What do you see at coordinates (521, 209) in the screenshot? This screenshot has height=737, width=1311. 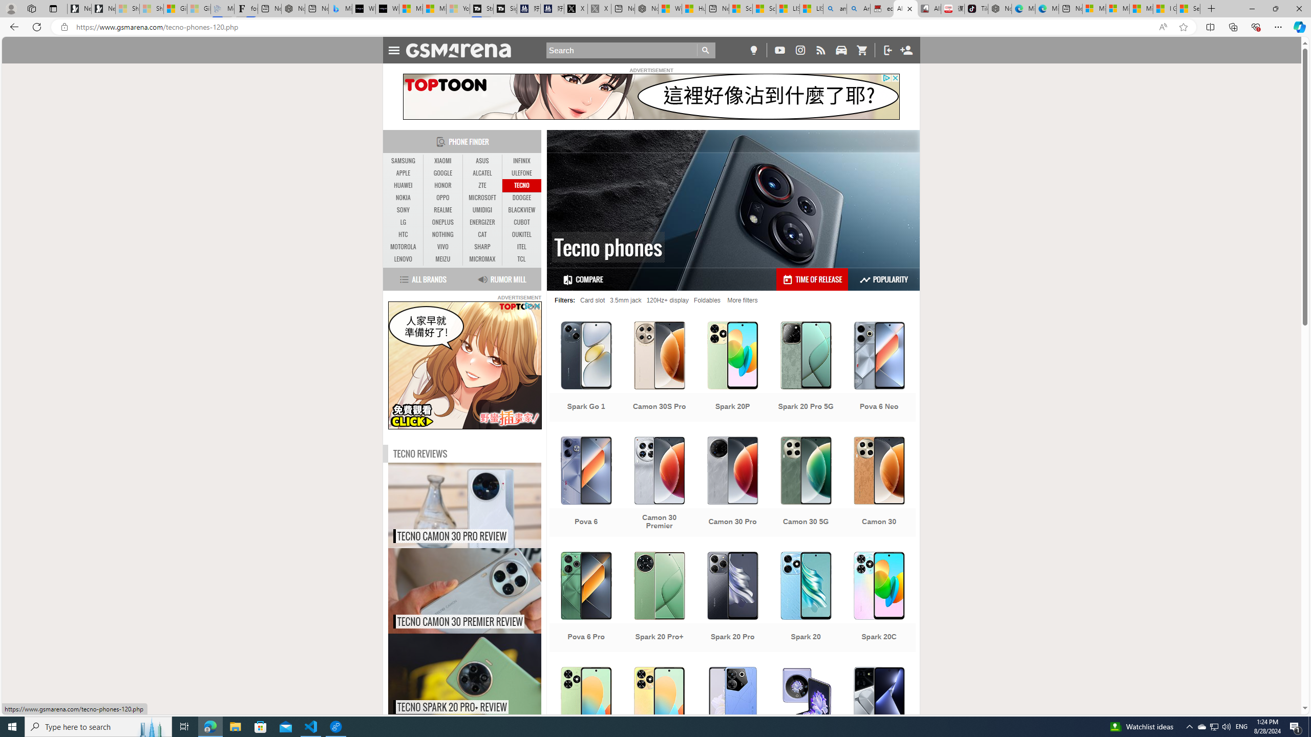 I see `'BLACKVIEW'` at bounding box center [521, 209].